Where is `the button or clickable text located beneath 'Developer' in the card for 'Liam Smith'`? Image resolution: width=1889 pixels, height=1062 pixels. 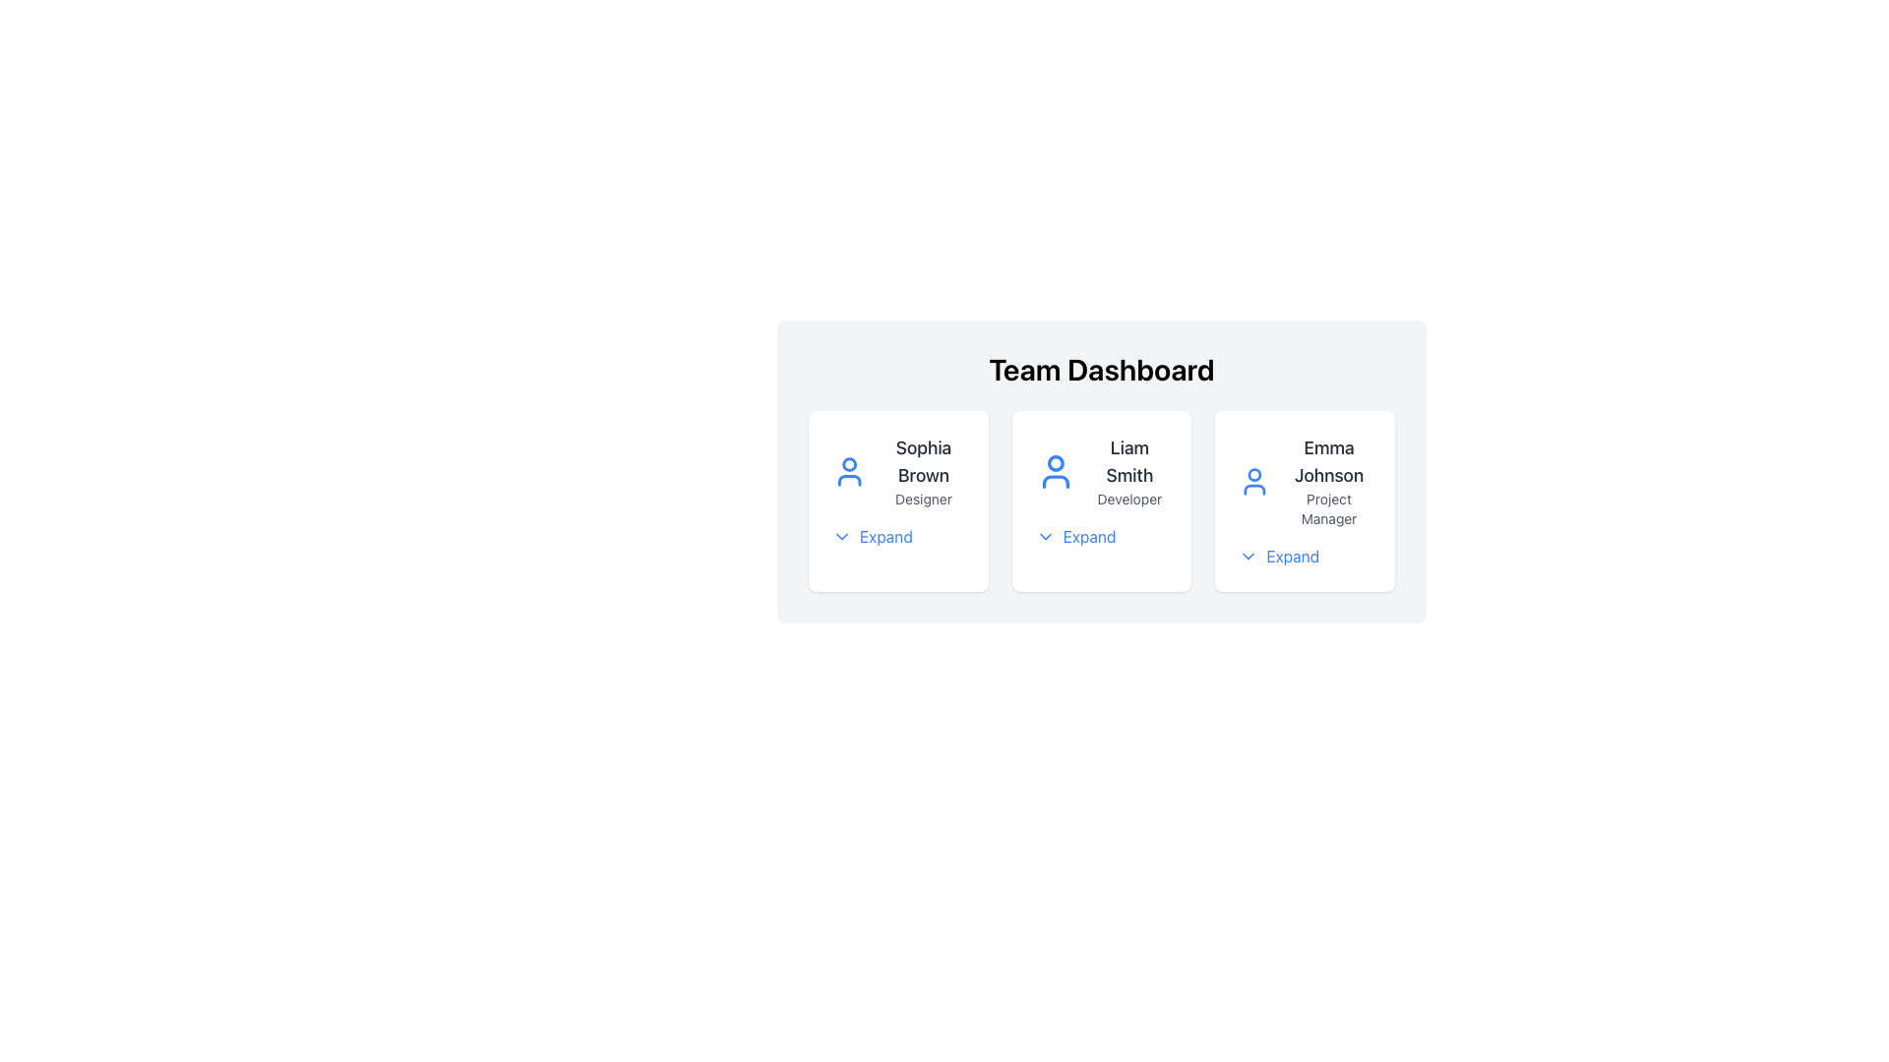 the button or clickable text located beneath 'Developer' in the card for 'Liam Smith' is located at coordinates (1100, 537).